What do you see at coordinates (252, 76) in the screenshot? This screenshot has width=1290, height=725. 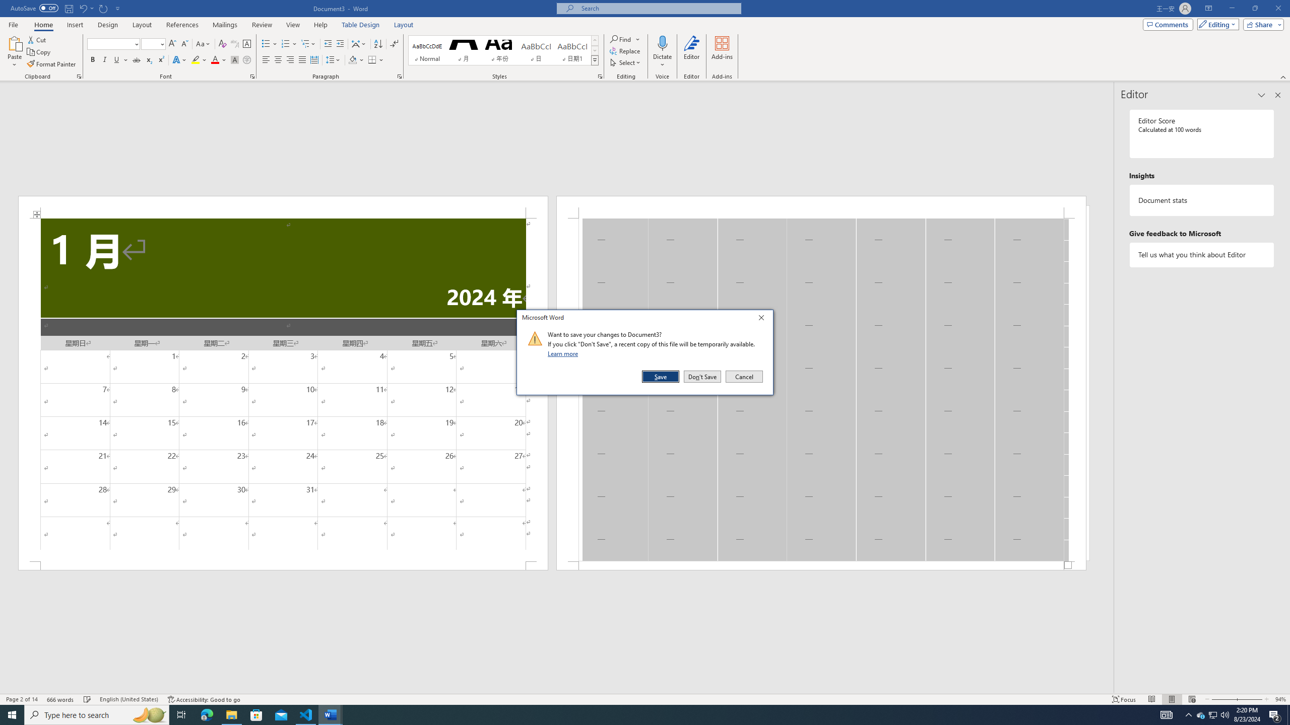 I see `'Font...'` at bounding box center [252, 76].